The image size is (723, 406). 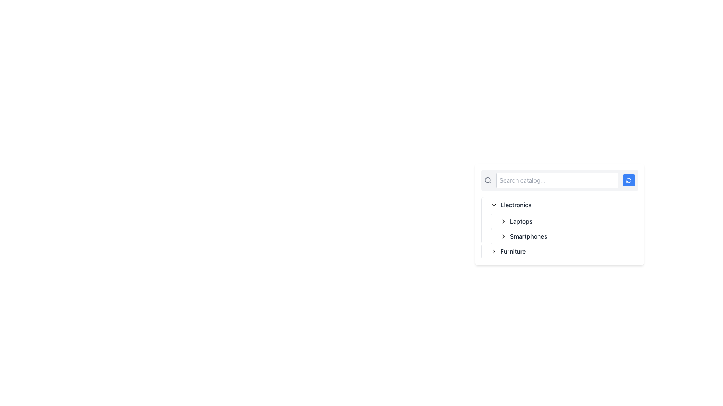 What do you see at coordinates (503, 221) in the screenshot?
I see `the chevron icon to the right of the 'Electronics' and 'Furniture' list items` at bounding box center [503, 221].